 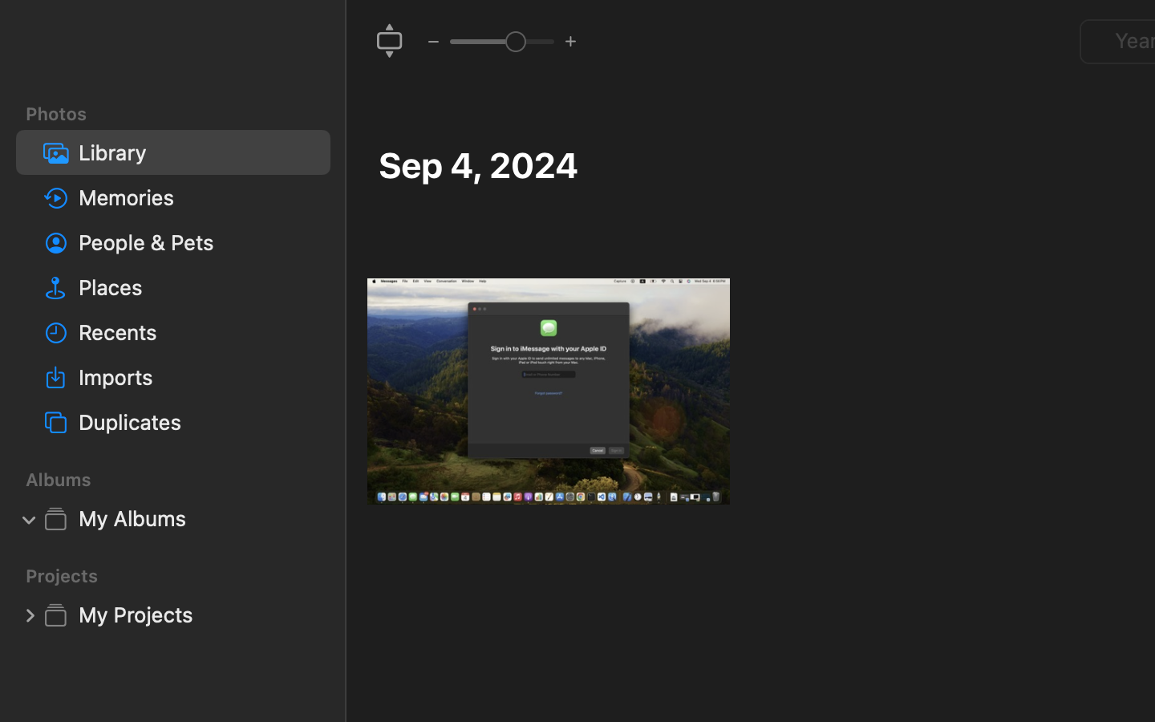 I want to click on 'Imports', so click(x=197, y=375).